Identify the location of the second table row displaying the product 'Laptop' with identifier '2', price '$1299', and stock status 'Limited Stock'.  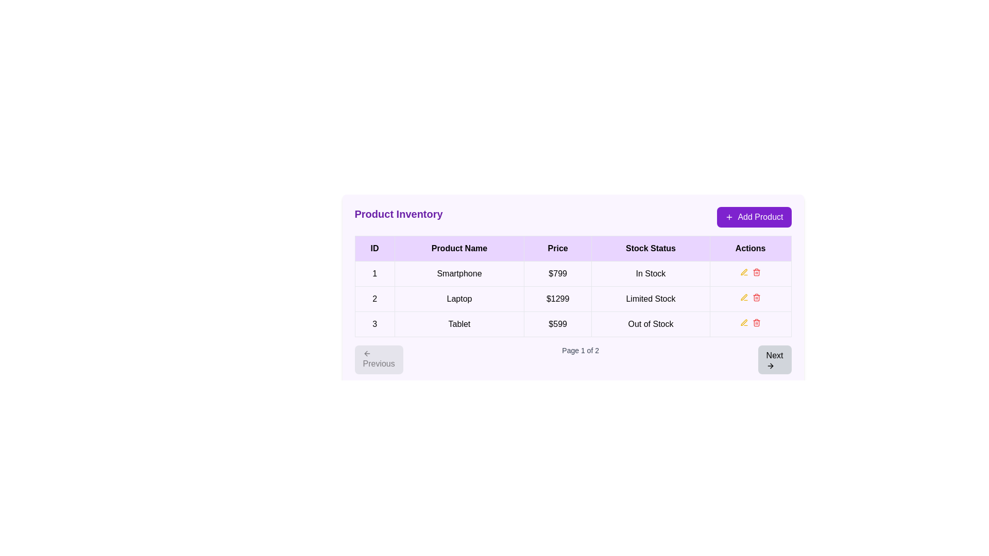
(572, 299).